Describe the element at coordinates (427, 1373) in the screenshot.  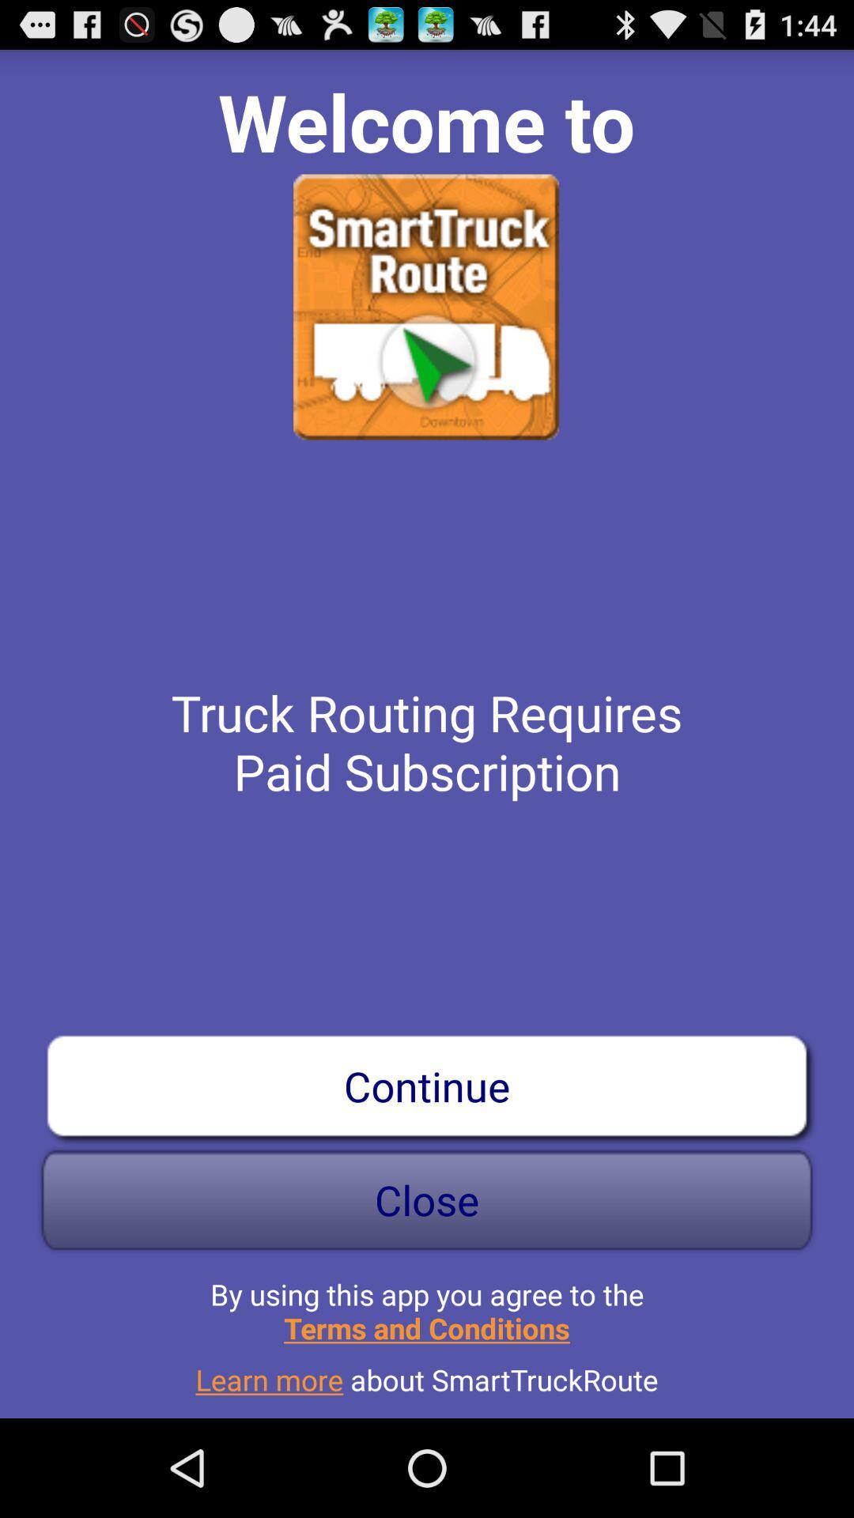
I see `the app below by using this app` at that location.